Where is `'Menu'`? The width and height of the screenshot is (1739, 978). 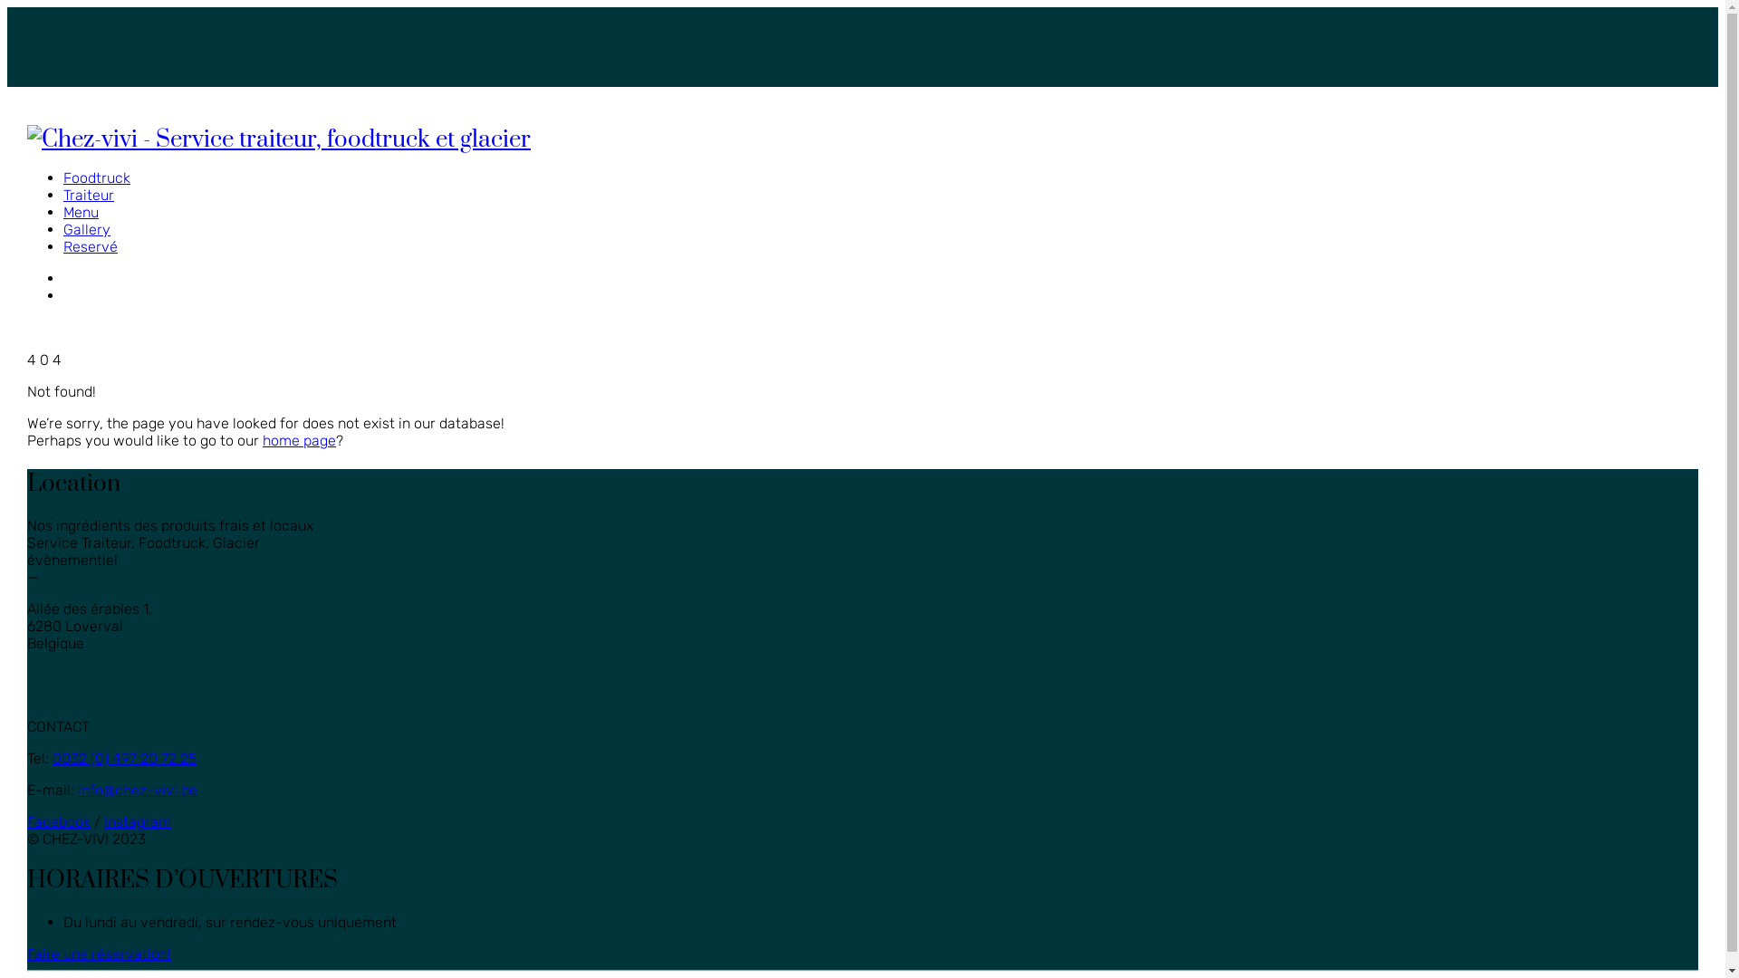
'Menu' is located at coordinates (80, 211).